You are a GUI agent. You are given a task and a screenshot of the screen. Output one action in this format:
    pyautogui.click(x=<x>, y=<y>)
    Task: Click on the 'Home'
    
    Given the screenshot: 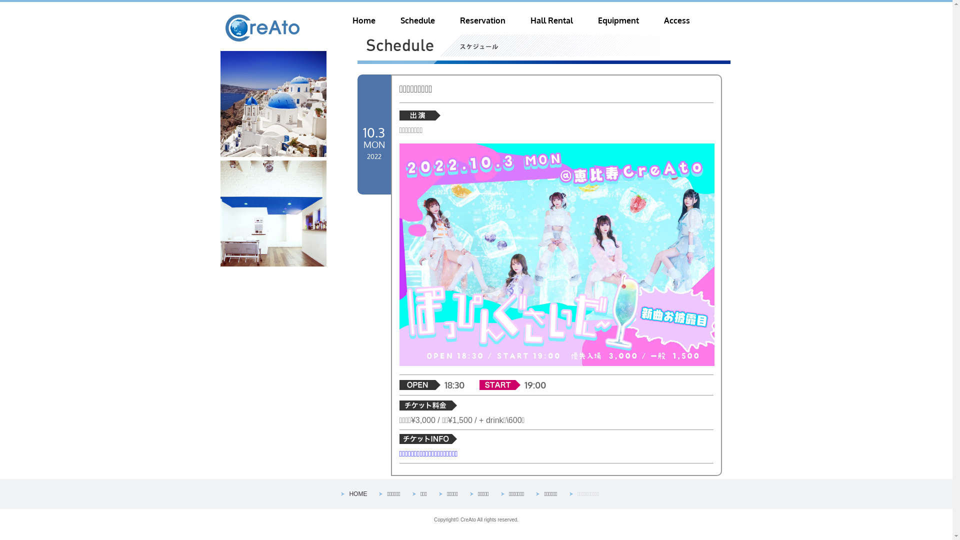 What is the action you would take?
    pyautogui.click(x=362, y=20)
    